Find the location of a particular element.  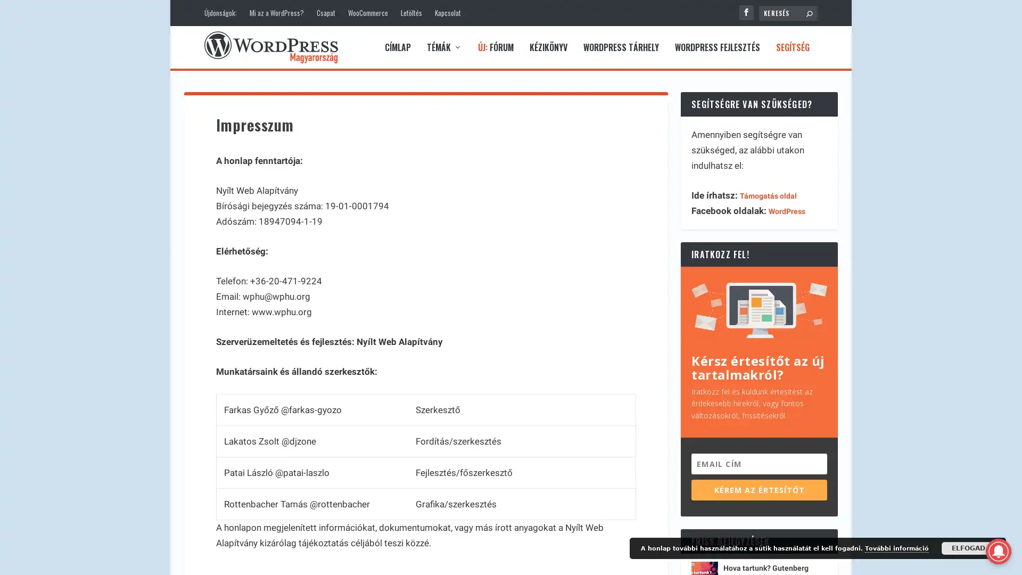

KEREM AZ ERTESITOT is located at coordinates (759, 489).